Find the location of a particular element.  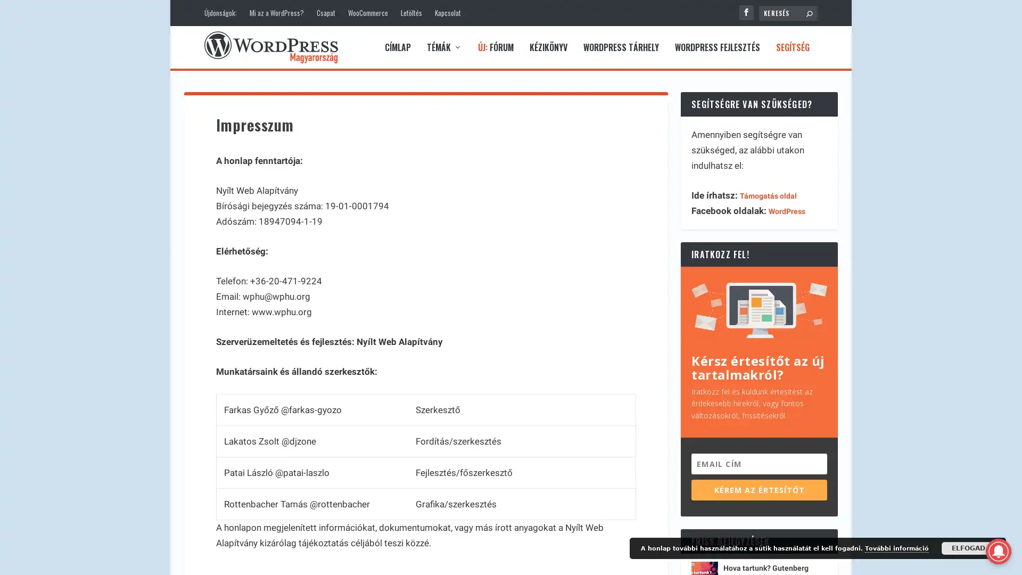

KEREM AZ ERTESITOT is located at coordinates (759, 489).